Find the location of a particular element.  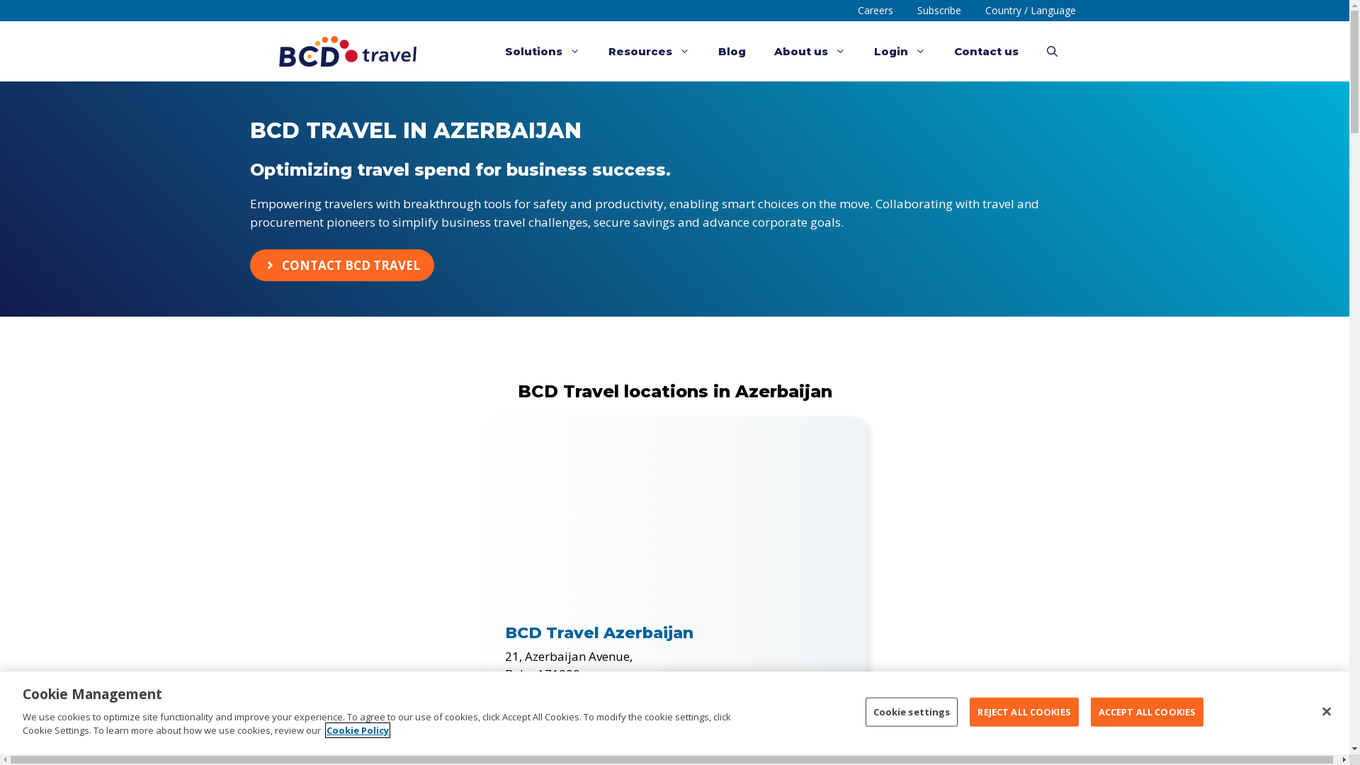

'CONTACT BCD TRAVEL' is located at coordinates (341, 265).